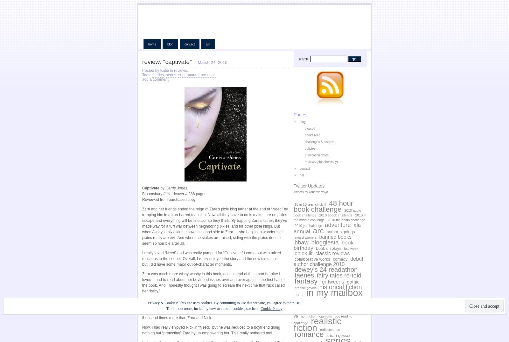  Describe the element at coordinates (347, 282) in the screenshot. I see `'gothic'` at that location.